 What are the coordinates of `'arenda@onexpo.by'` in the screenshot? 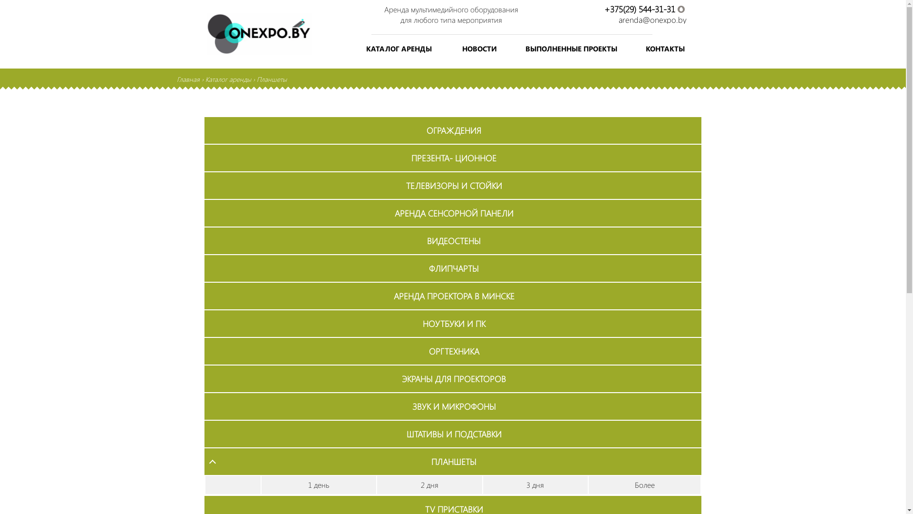 It's located at (618, 20).